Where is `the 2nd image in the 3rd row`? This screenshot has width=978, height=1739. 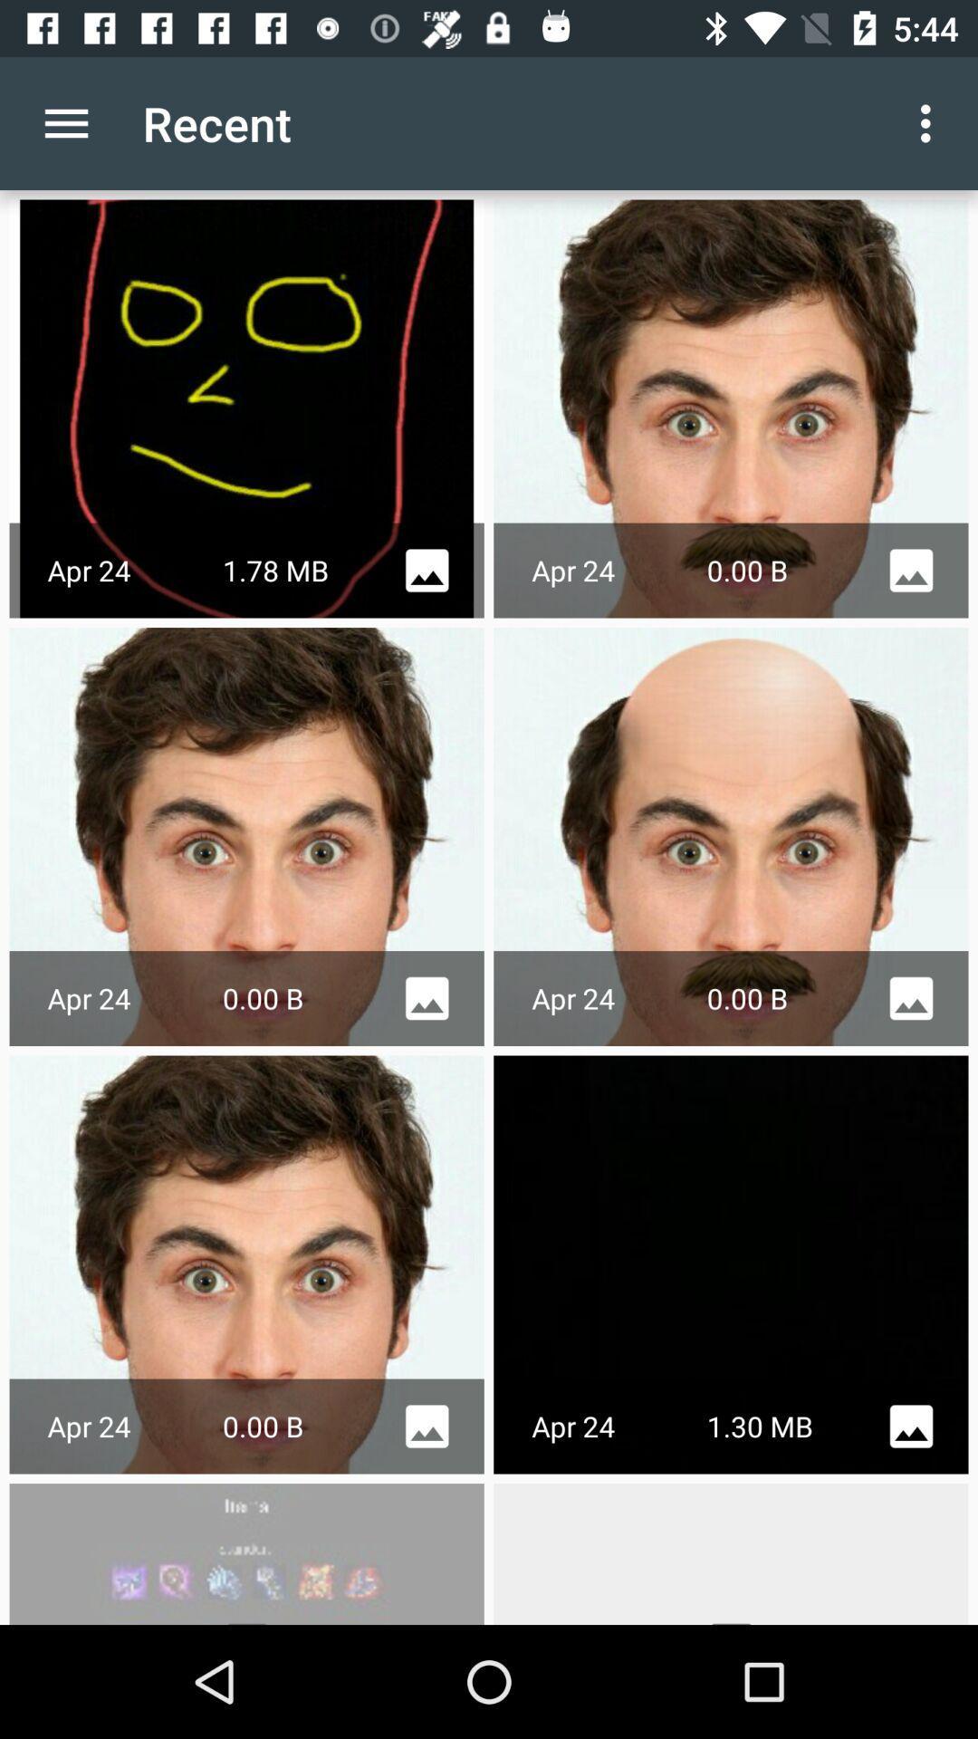
the 2nd image in the 3rd row is located at coordinates (730, 1263).